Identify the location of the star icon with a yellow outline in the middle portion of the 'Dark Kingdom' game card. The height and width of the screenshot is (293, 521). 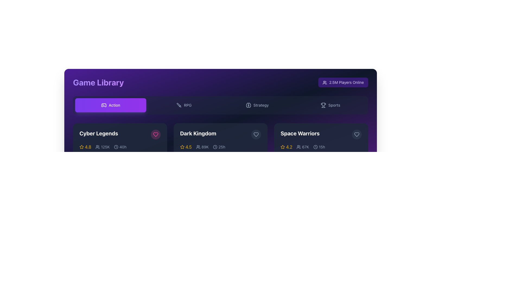
(182, 147).